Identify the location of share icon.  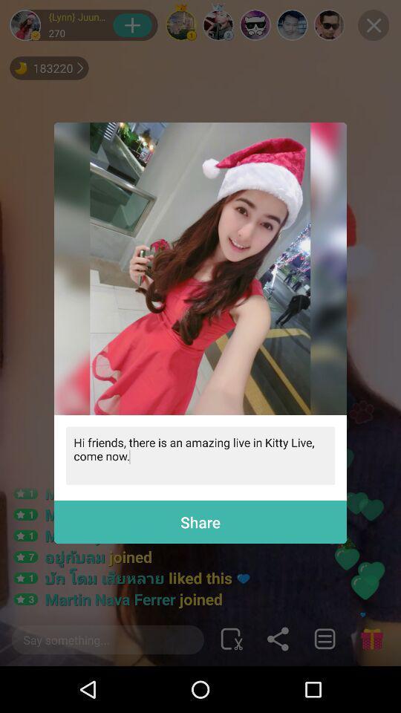
(200, 522).